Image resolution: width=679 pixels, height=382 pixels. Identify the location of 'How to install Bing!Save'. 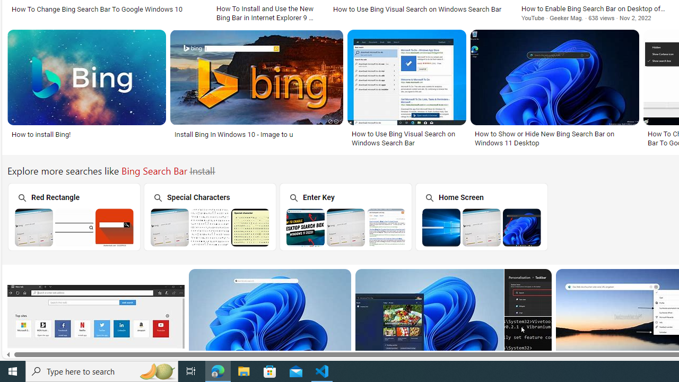
(89, 89).